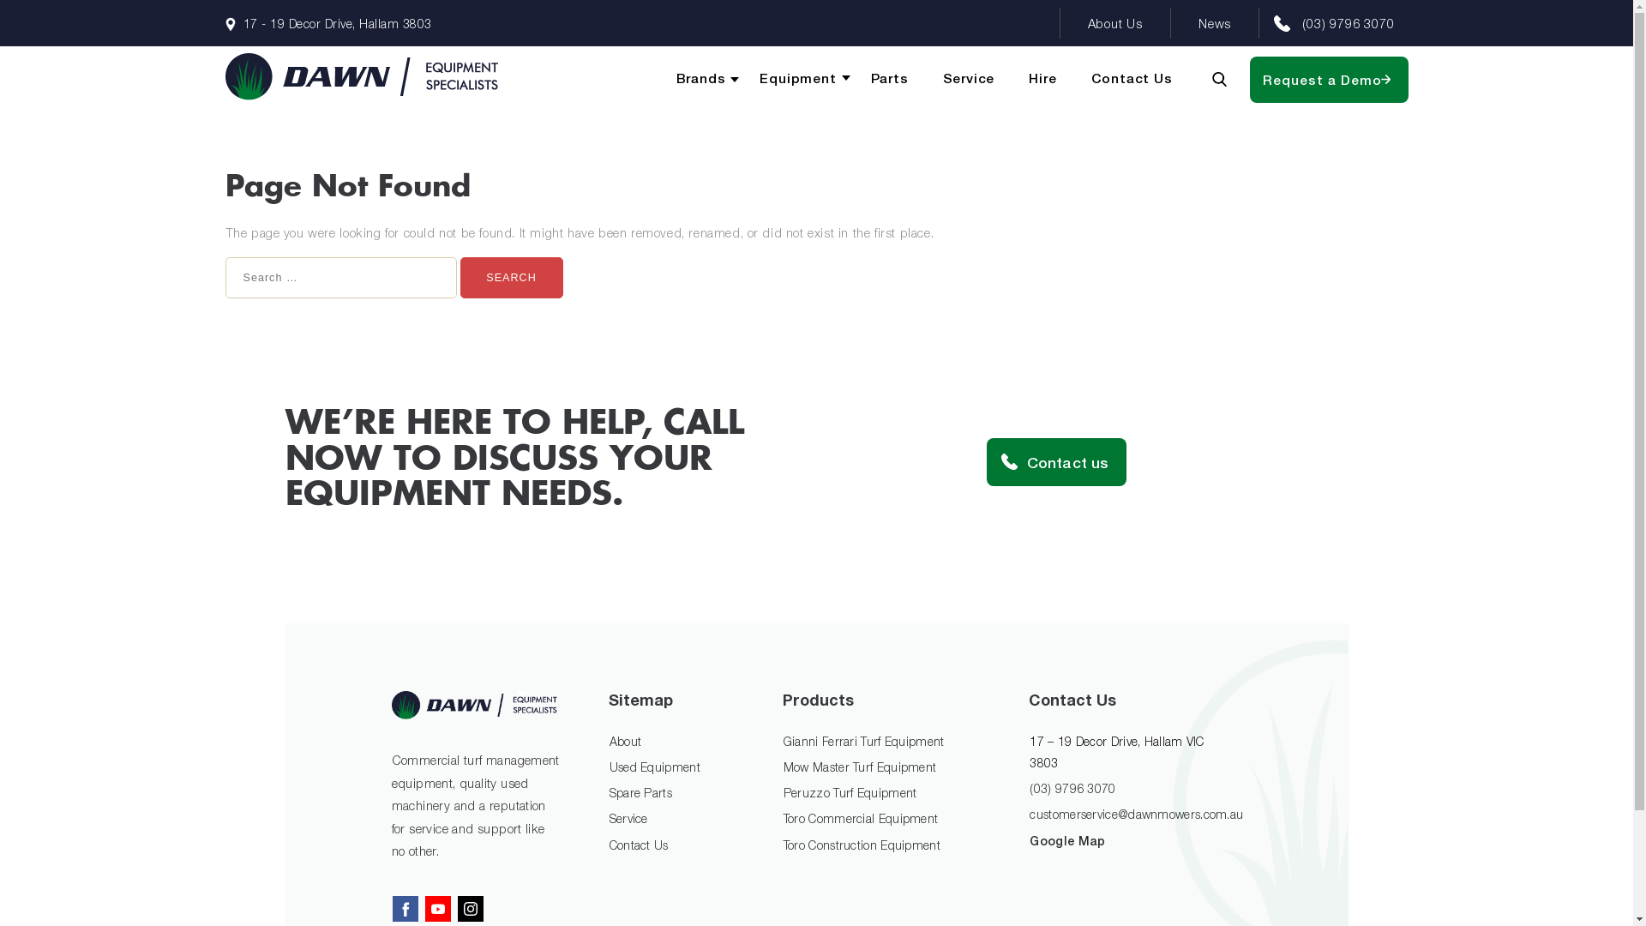  I want to click on 'Google Map', so click(1066, 839).